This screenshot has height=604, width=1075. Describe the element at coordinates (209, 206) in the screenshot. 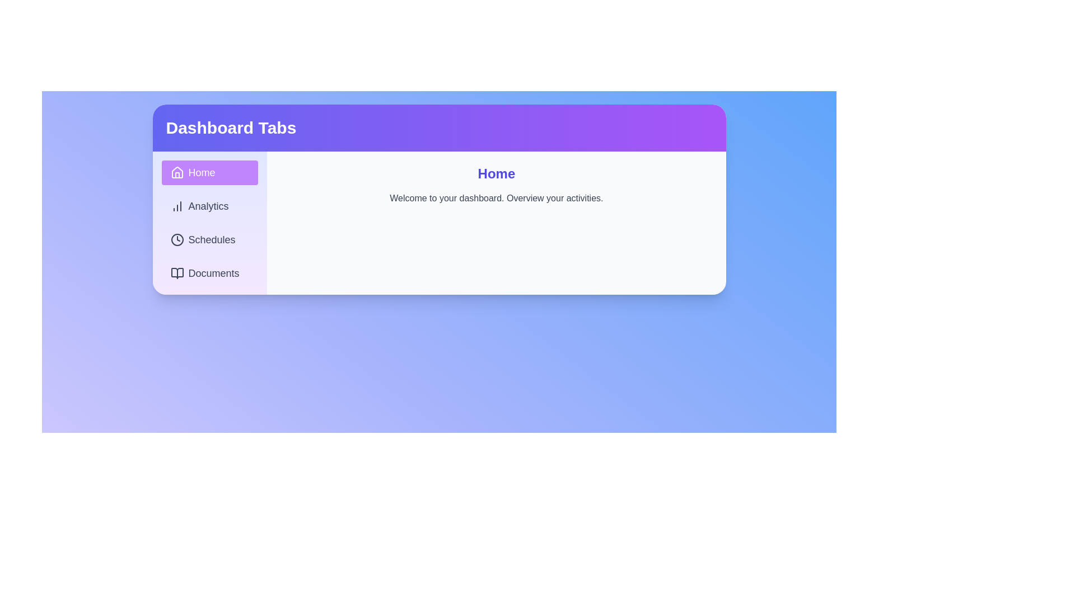

I see `the Analytics tab by clicking on it` at that location.